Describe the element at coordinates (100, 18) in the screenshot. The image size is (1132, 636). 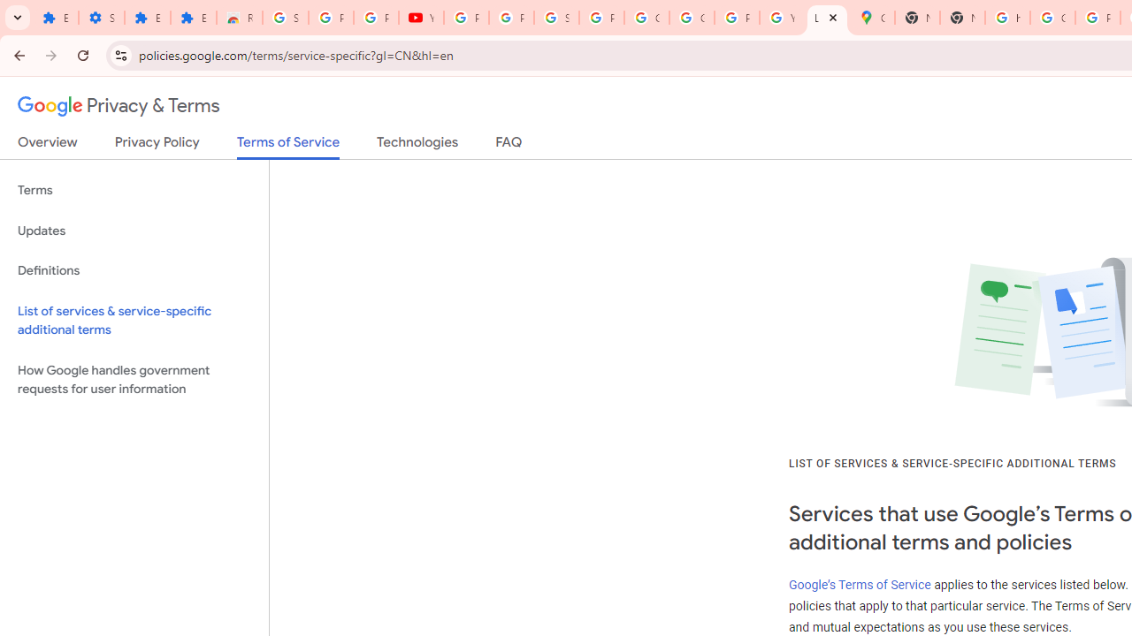
I see `'Settings'` at that location.